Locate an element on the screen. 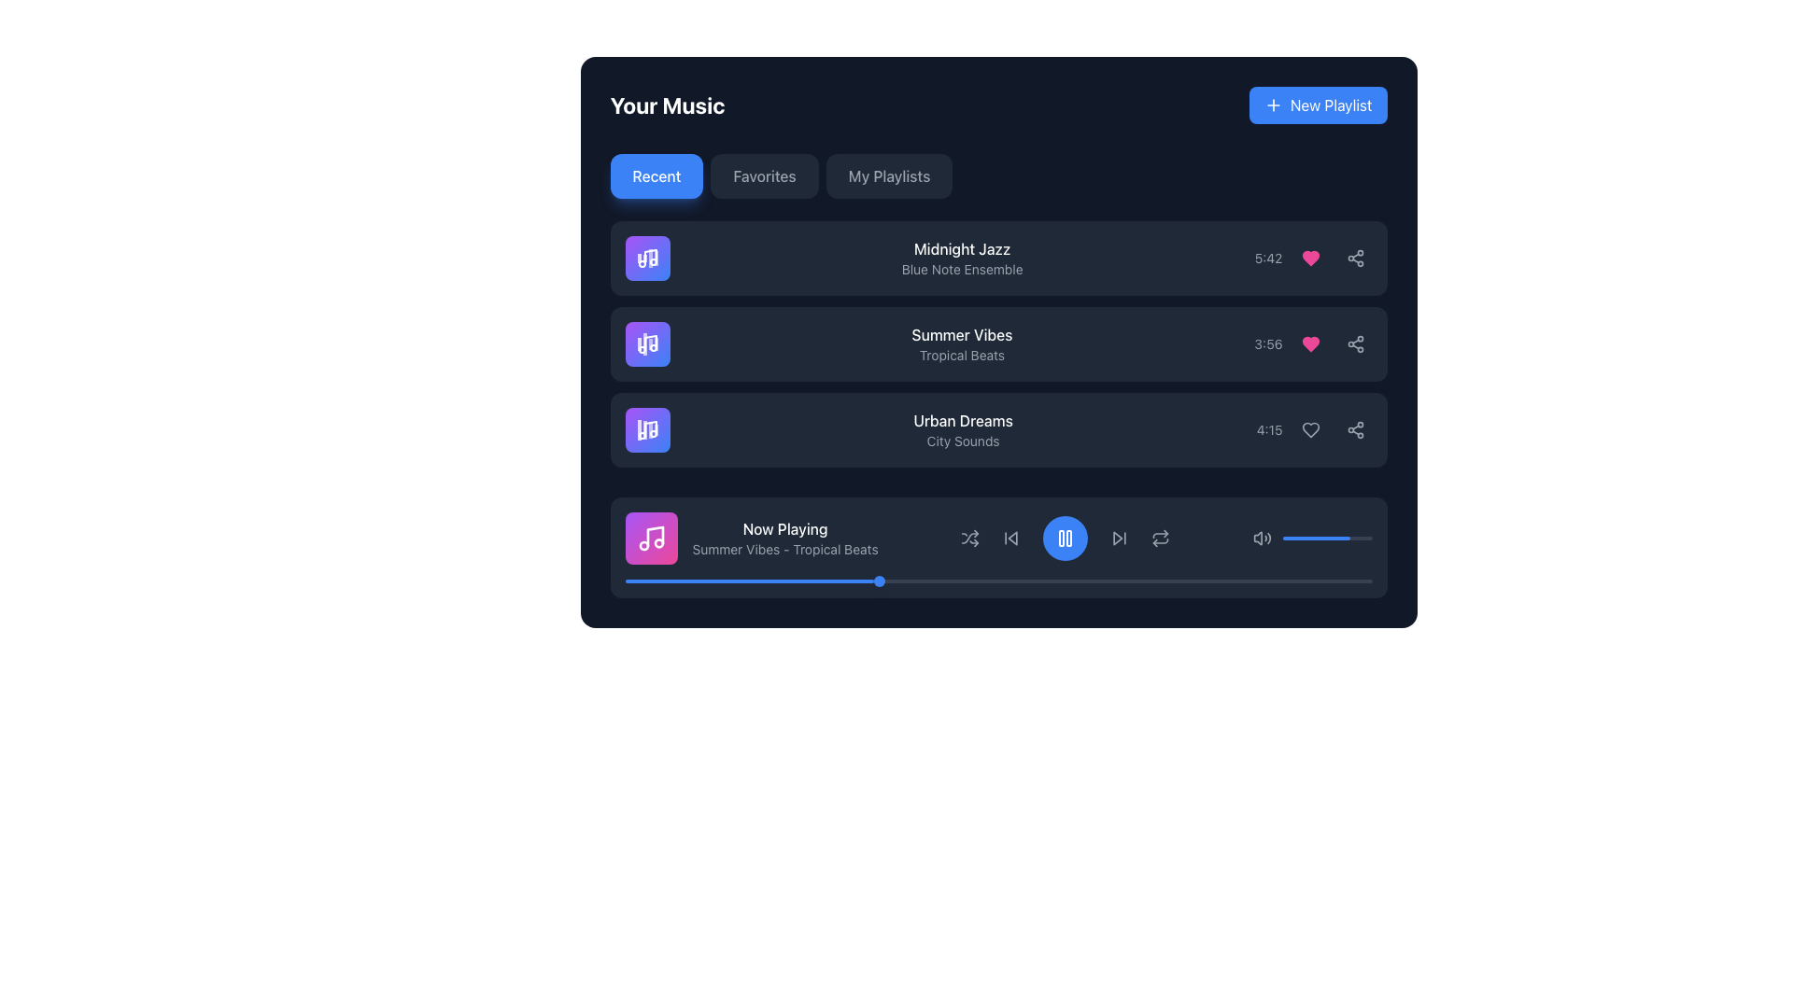 This screenshot has height=1008, width=1793. Text Label displaying additional information about the music item, located under the 'Midnight Jazz' title in the 'Your Music' section is located at coordinates (962, 270).